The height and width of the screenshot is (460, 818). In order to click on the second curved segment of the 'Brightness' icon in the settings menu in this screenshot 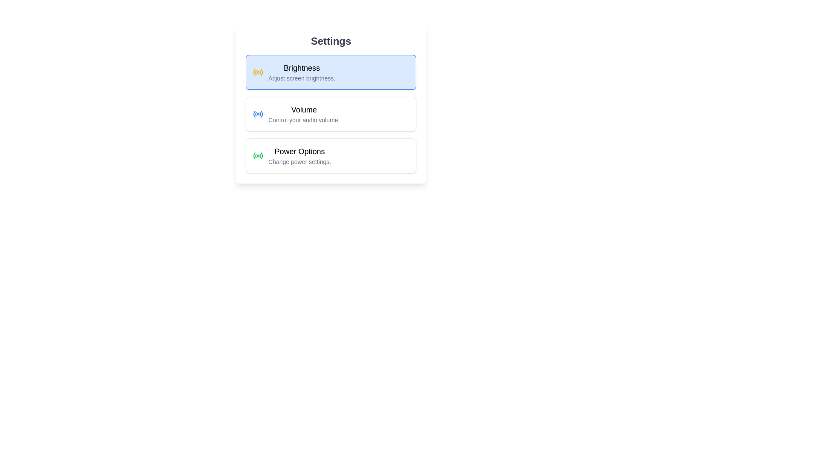, I will do `click(255, 72)`.